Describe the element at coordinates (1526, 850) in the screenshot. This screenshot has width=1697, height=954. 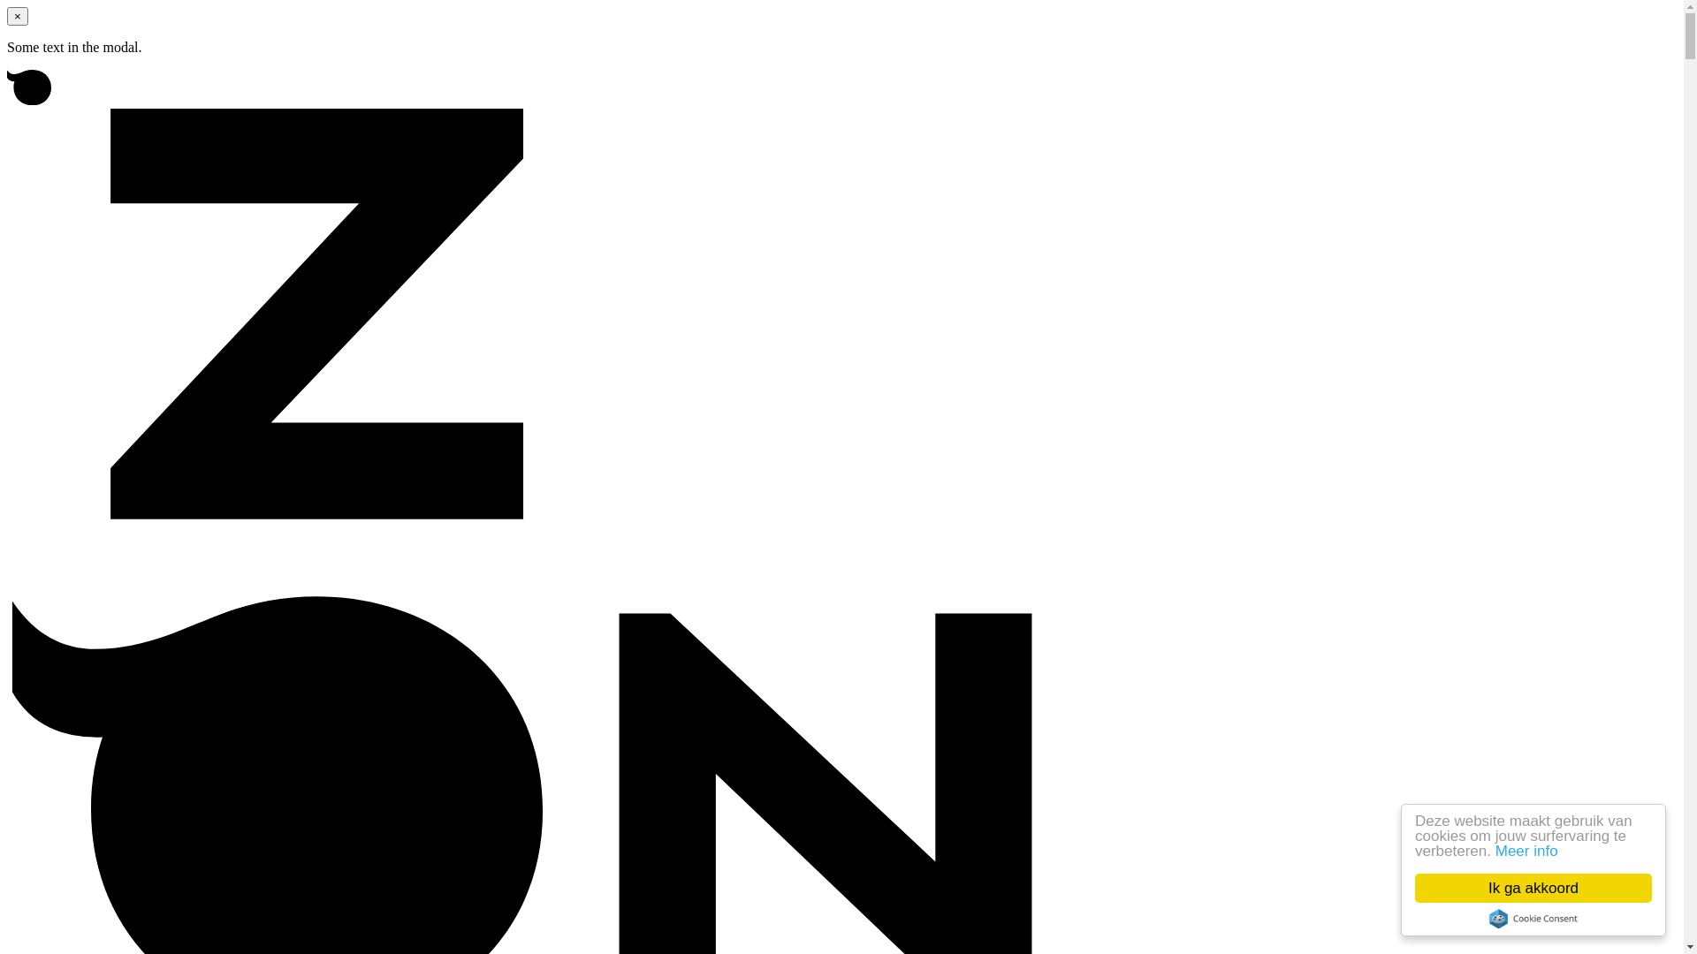
I see `'Meer info'` at that location.